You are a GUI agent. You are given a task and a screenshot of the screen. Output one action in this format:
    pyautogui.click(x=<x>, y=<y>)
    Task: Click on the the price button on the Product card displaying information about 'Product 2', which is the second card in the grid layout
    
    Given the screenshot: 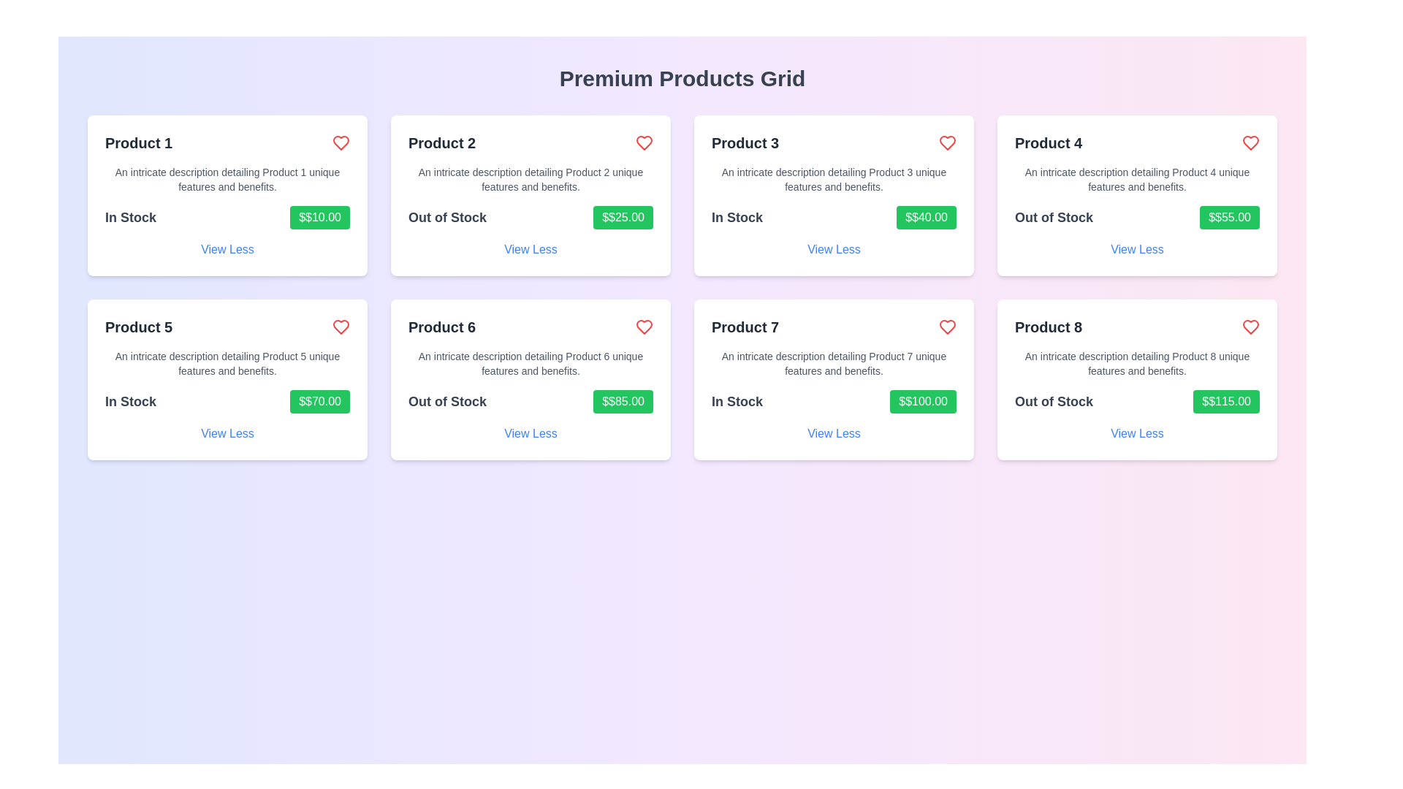 What is the action you would take?
    pyautogui.click(x=530, y=194)
    